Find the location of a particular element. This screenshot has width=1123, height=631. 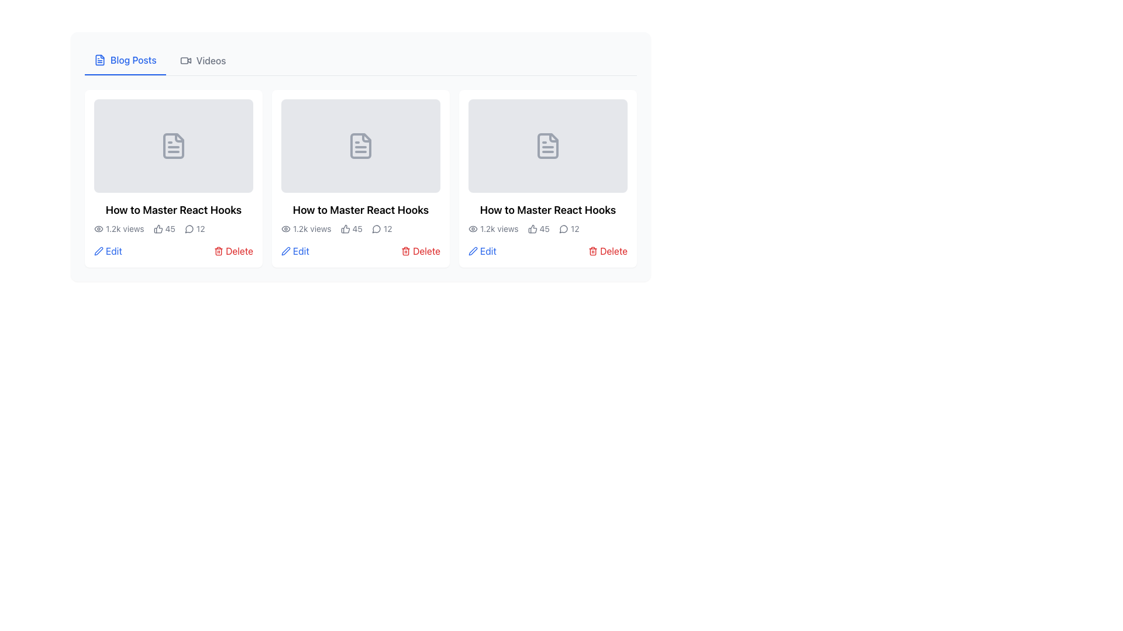

the image placeholder that has a light gray background and a document icon with a folded corner, located at the top-left position in a grid layout is located at coordinates (173, 145).